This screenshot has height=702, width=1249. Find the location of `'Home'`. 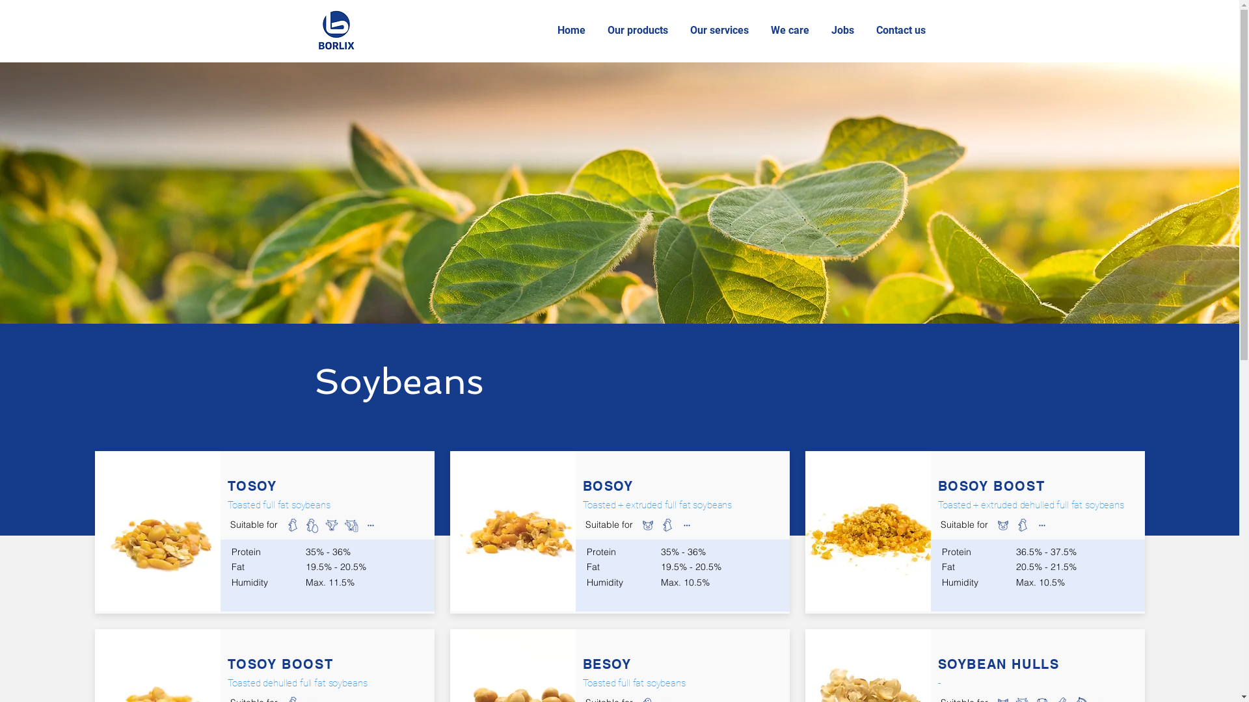

'Home' is located at coordinates (572, 29).